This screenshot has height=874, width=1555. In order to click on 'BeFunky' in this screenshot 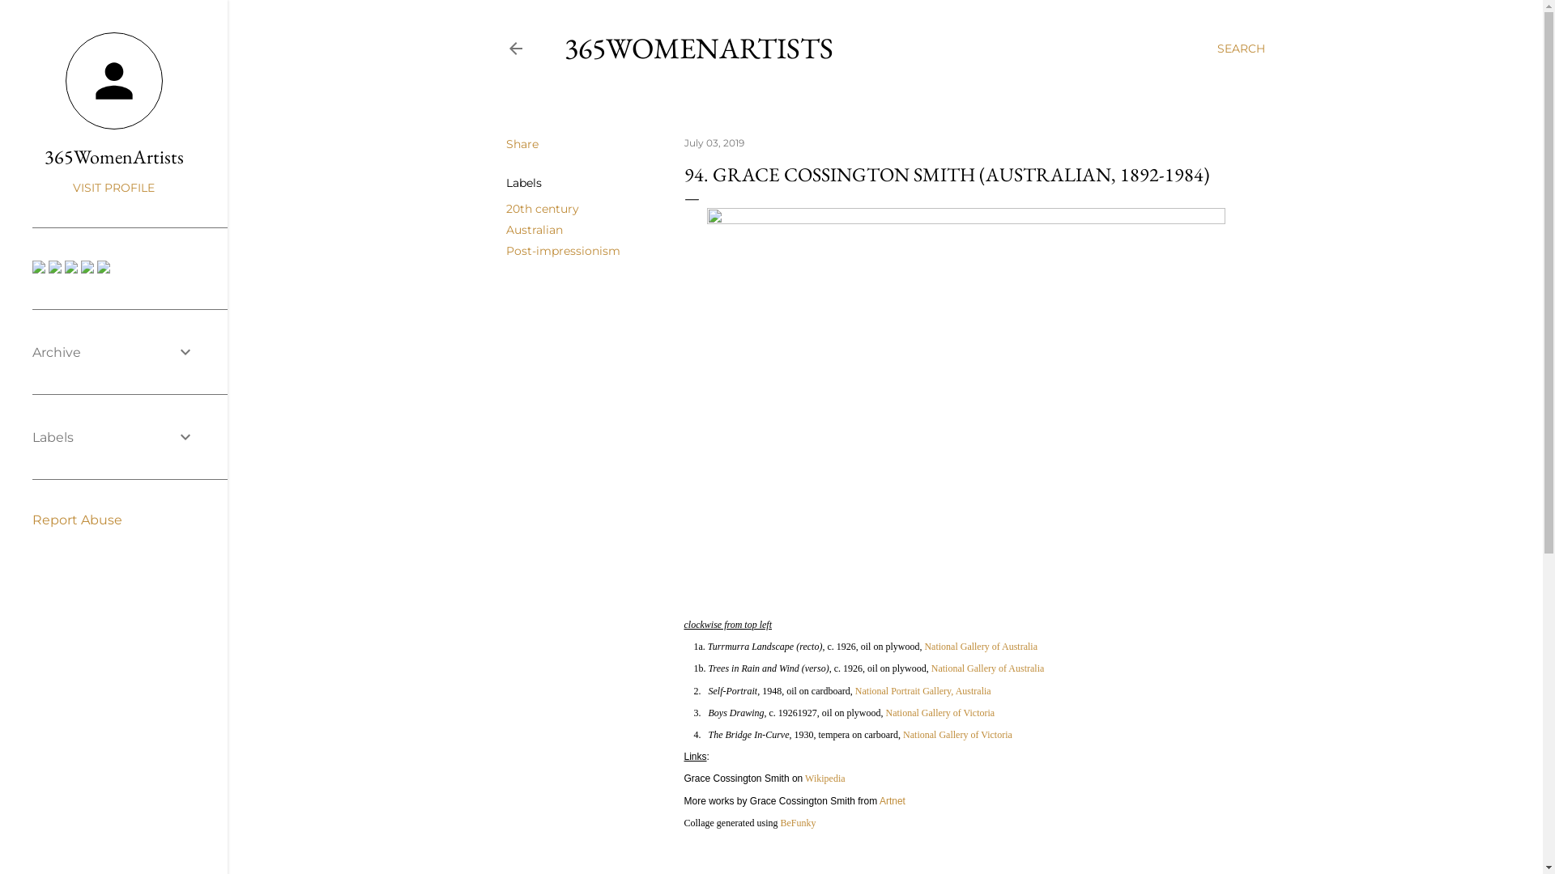, I will do `click(780, 823)`.